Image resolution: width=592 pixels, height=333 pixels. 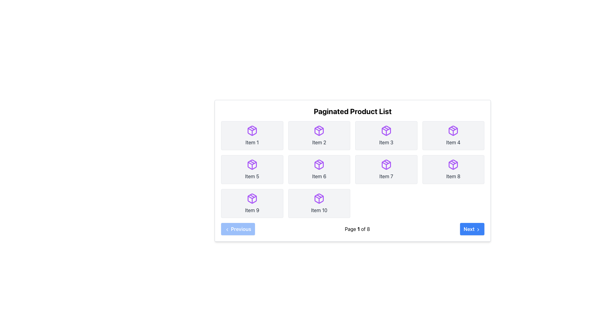 I want to click on the purple box-shaped icon located in the center of the gray card labeled 'Item 9', which has a distinct 3D map-like appearance, so click(x=252, y=199).